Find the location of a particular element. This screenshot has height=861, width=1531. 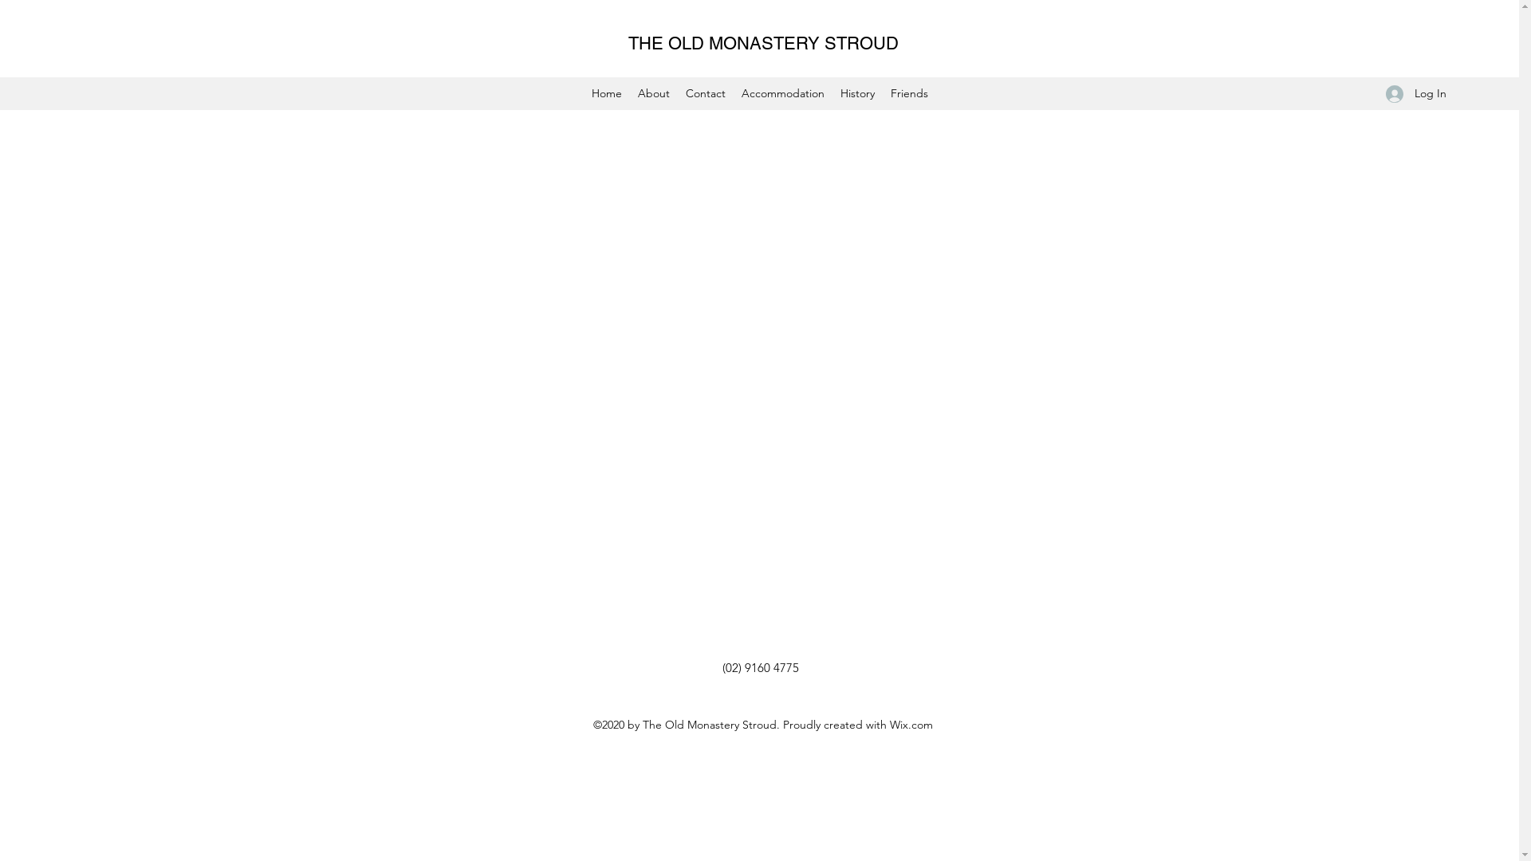

'THE OLD MONASTERY STROUD' is located at coordinates (762, 42).